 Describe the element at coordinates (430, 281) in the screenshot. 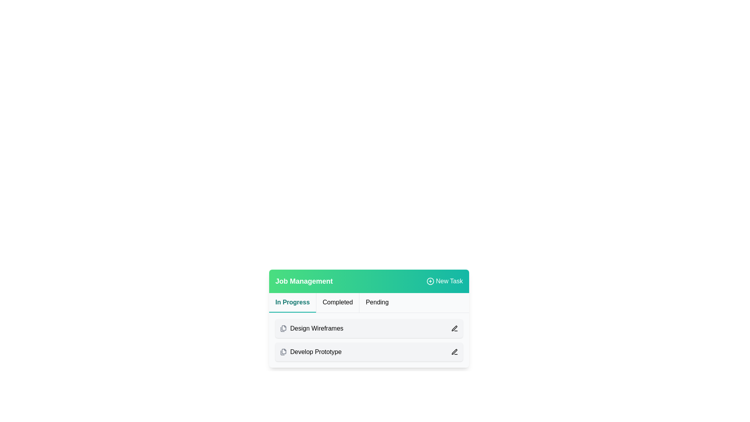

I see `the decorative Circle graphic located towards the top-right within the green rectangular header section of the 'Job Management' interface` at that location.